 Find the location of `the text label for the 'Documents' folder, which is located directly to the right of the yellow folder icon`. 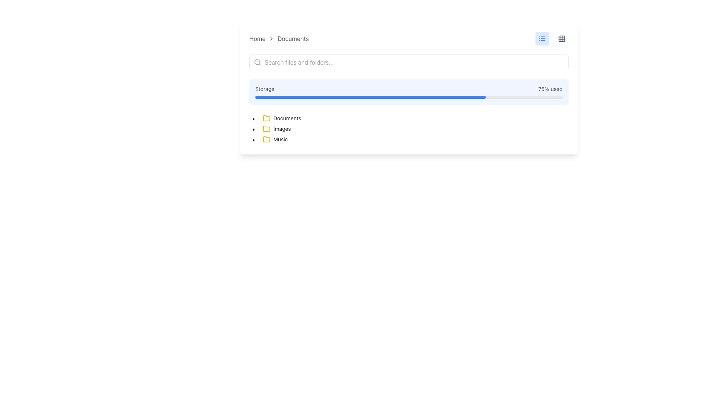

the text label for the 'Documents' folder, which is located directly to the right of the yellow folder icon is located at coordinates (287, 118).